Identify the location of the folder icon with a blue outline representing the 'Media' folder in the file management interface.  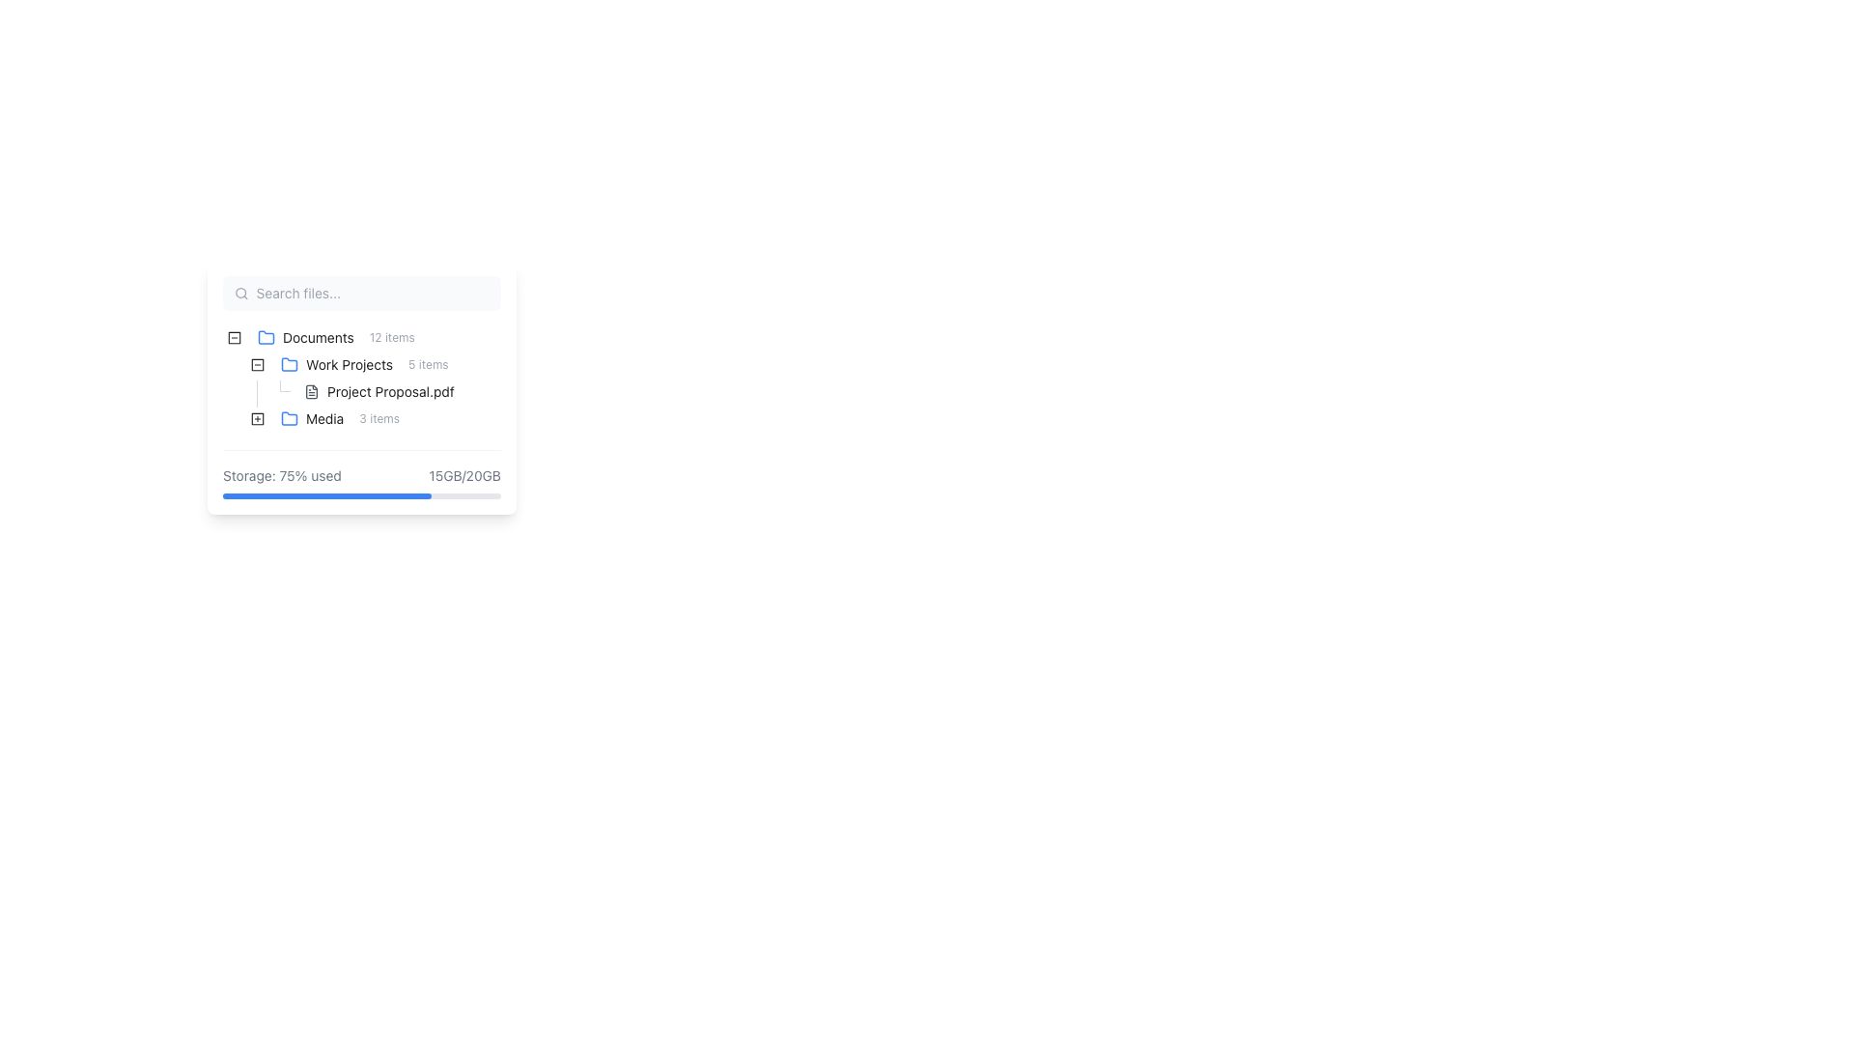
(288, 416).